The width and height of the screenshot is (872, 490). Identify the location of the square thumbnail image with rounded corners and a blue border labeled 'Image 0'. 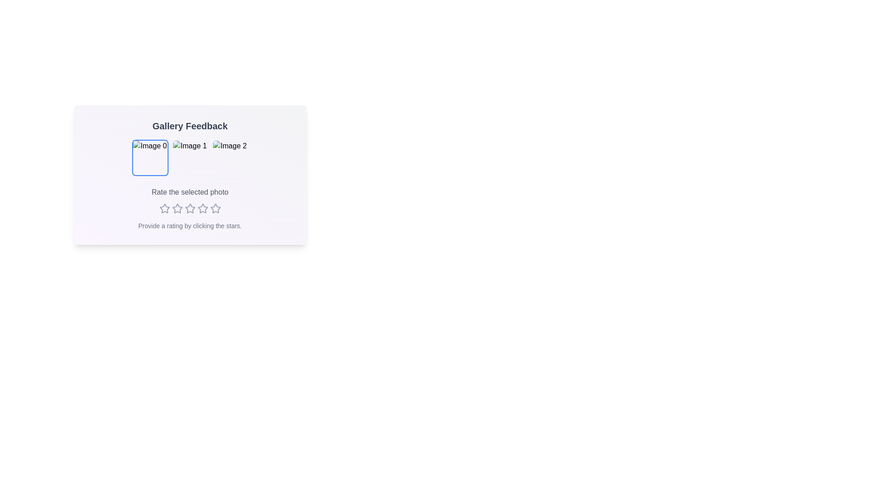
(150, 157).